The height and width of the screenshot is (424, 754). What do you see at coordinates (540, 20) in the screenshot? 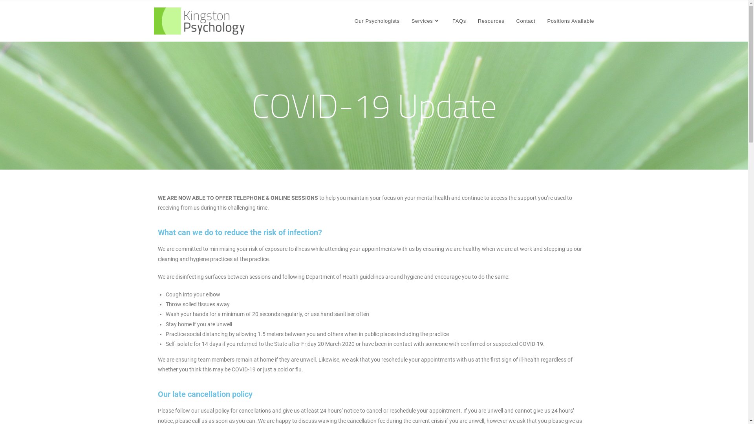
I see `'Positions Available'` at bounding box center [540, 20].